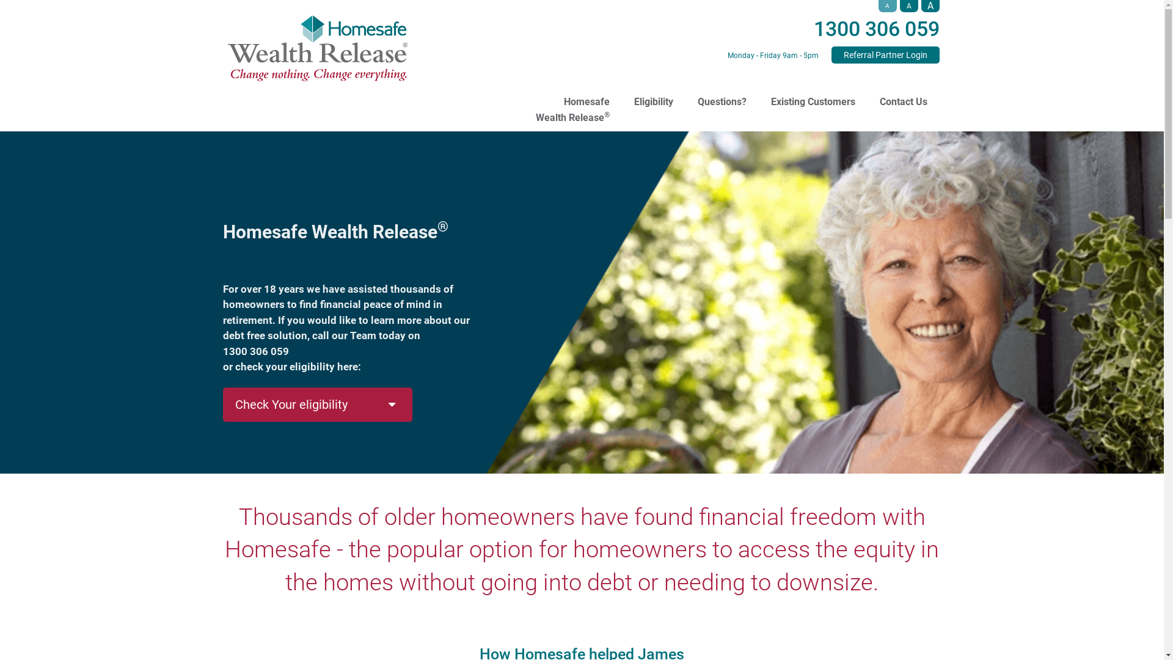 The height and width of the screenshot is (660, 1173). What do you see at coordinates (929, 6) in the screenshot?
I see `'A'` at bounding box center [929, 6].